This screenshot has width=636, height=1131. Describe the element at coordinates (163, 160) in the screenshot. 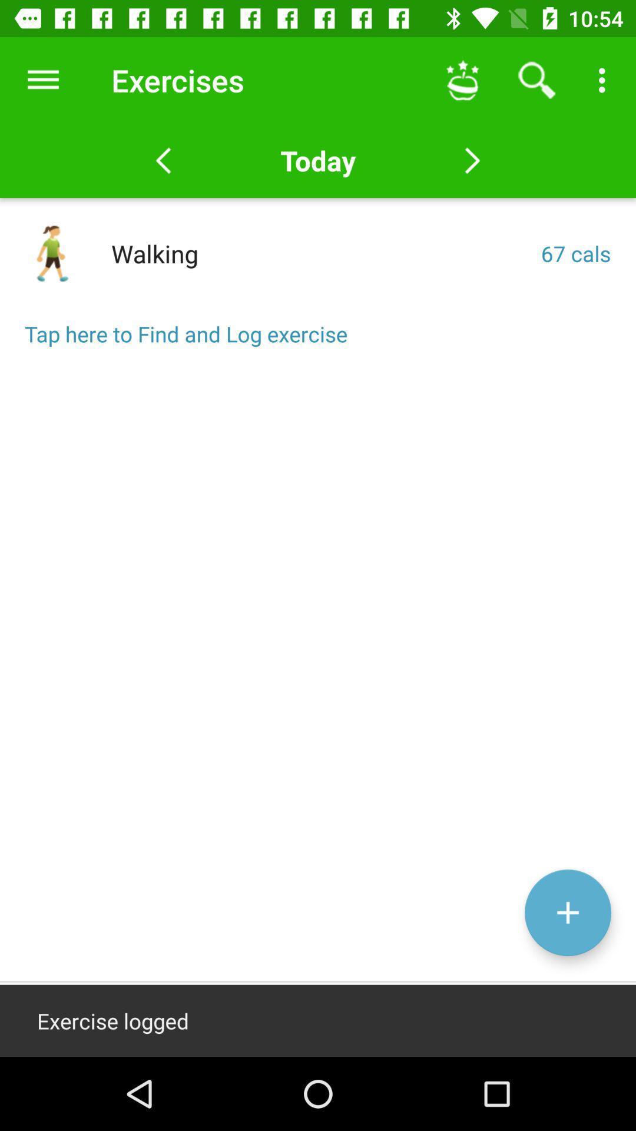

I see `the arrow_backward icon` at that location.